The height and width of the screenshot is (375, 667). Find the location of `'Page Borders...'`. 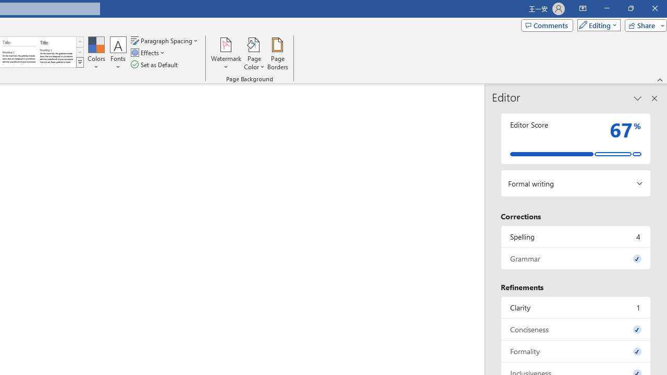

'Page Borders...' is located at coordinates (278, 54).